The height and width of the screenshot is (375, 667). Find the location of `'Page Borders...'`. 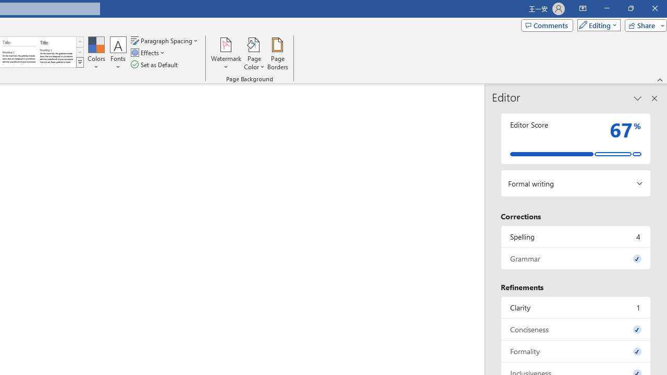

'Page Borders...' is located at coordinates (278, 54).